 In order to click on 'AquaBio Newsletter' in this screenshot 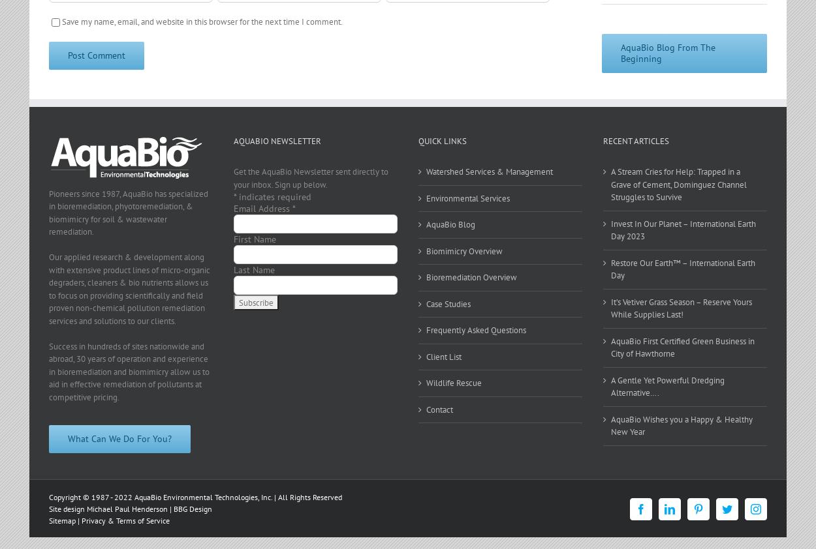, I will do `click(277, 140)`.